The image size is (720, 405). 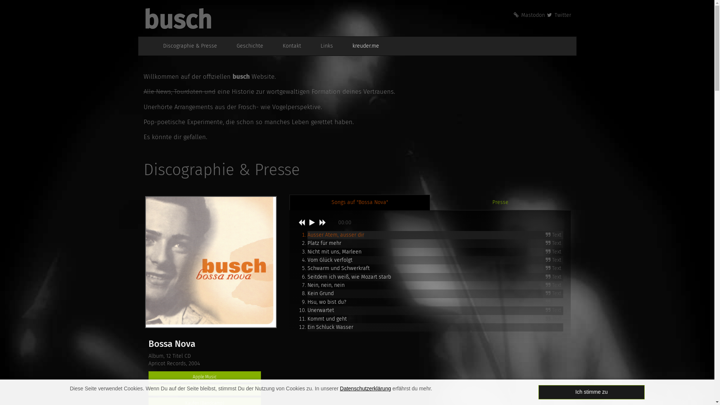 What do you see at coordinates (554, 277) in the screenshot?
I see `'Text'` at bounding box center [554, 277].